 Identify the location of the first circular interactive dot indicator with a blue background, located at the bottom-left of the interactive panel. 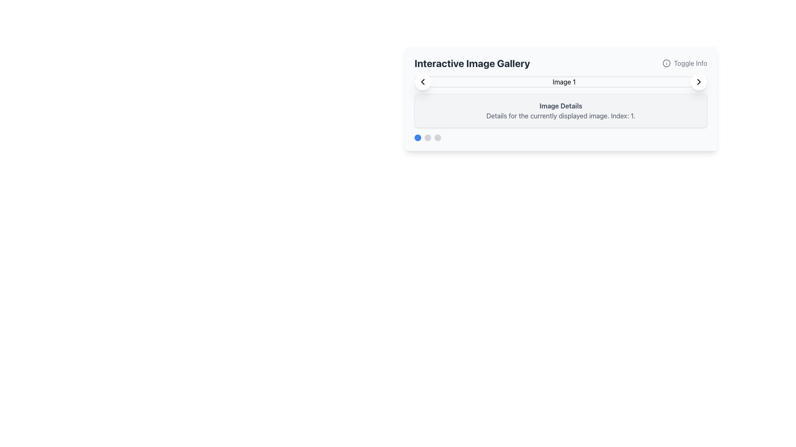
(418, 137).